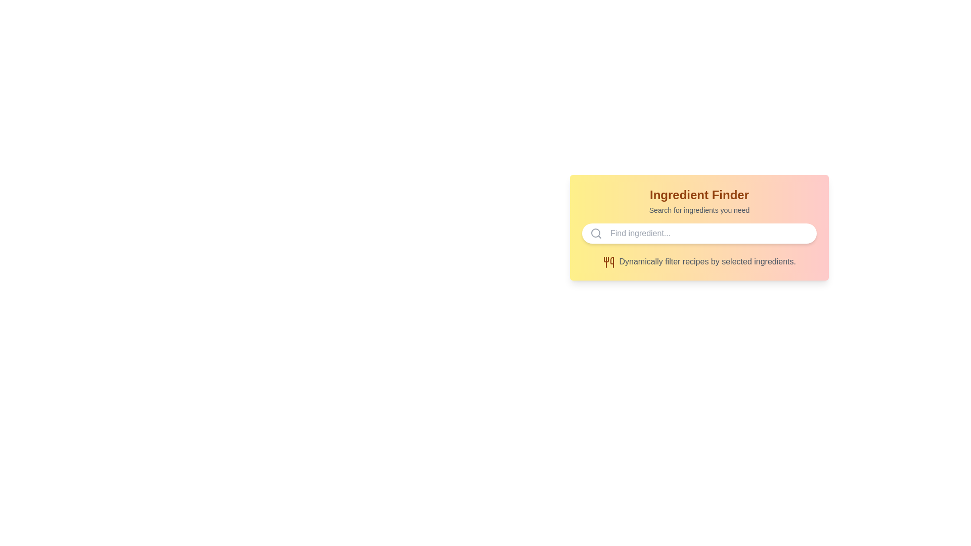 The height and width of the screenshot is (546, 971). Describe the element at coordinates (595, 233) in the screenshot. I see `the SVG circle graphical element that represents the search functionality, located to the far left of the input field` at that location.